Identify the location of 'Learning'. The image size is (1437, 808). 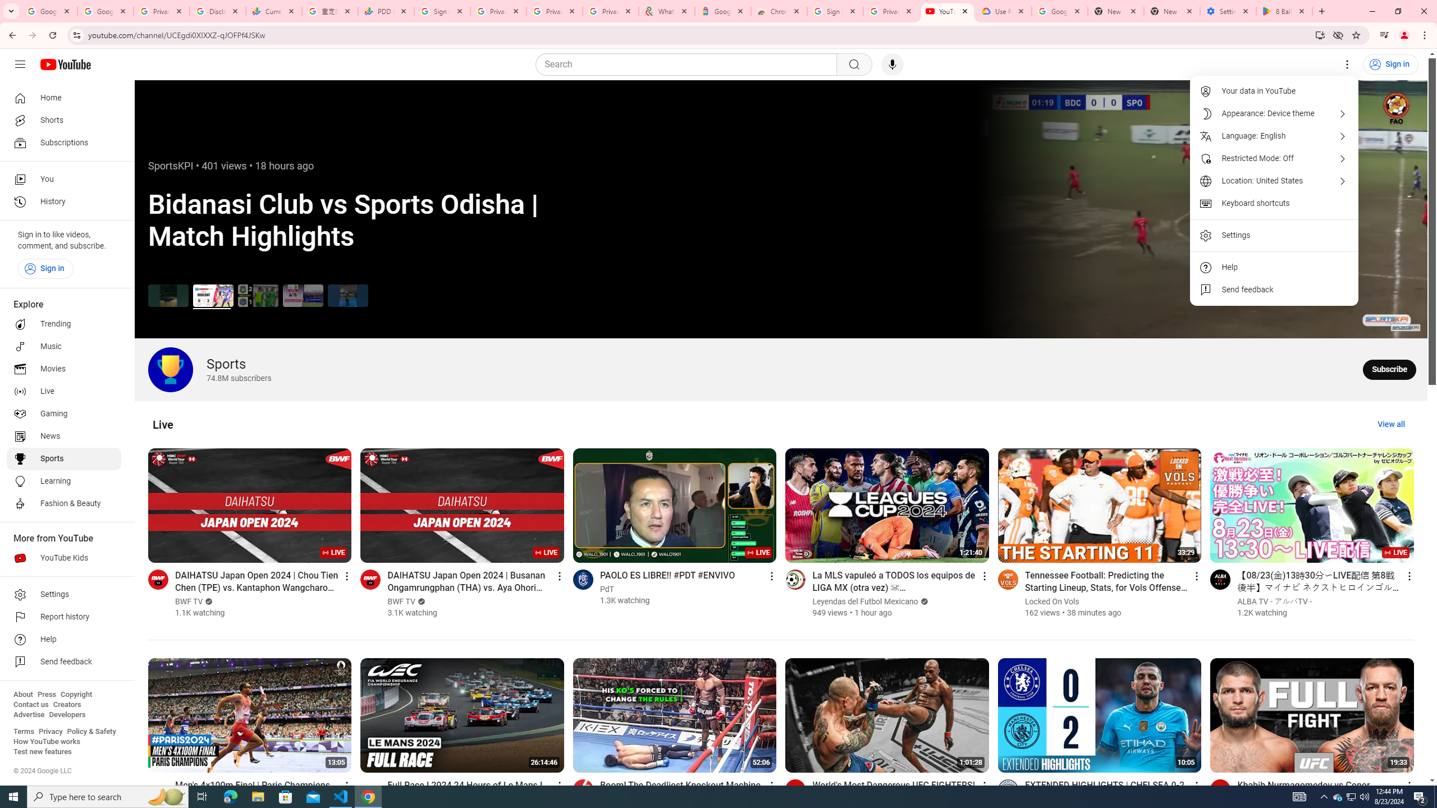
(63, 481).